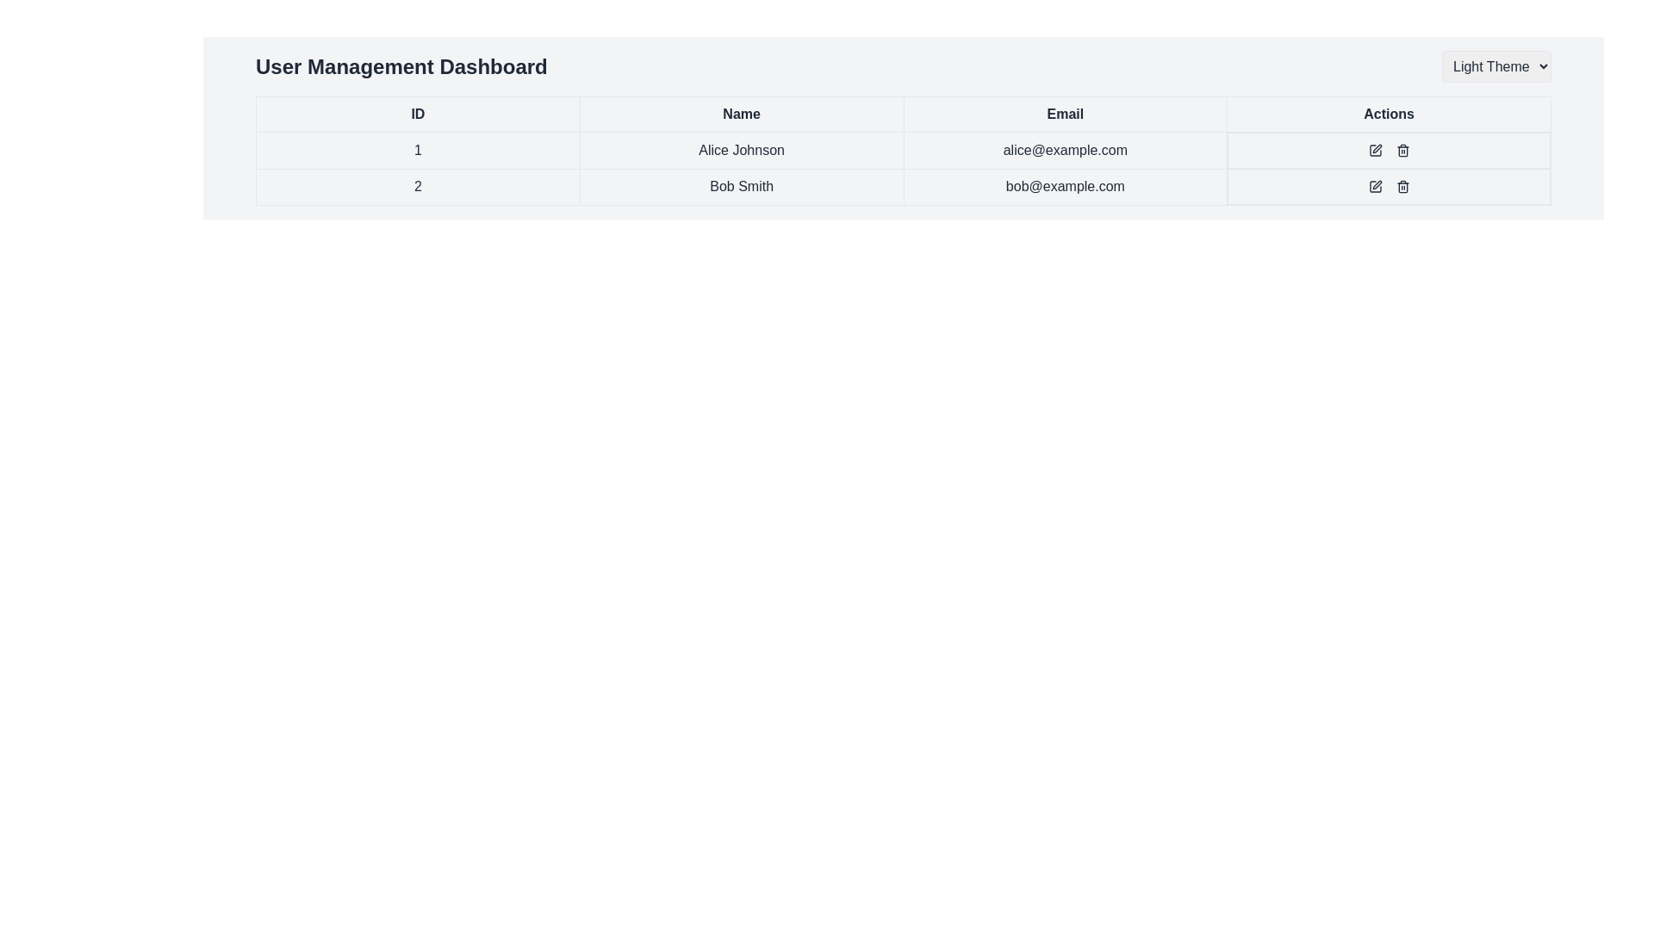 The height and width of the screenshot is (930, 1654). What do you see at coordinates (1374, 186) in the screenshot?
I see `the edit action Icon button located in the 'Actions' column of the second row in the user management table` at bounding box center [1374, 186].